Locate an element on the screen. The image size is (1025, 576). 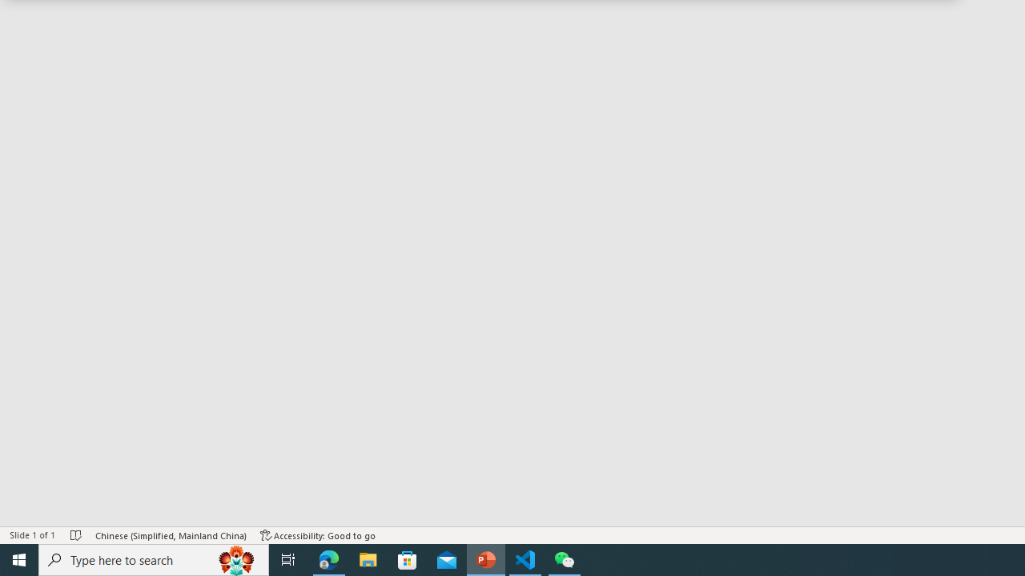
'Task View' is located at coordinates (287, 558).